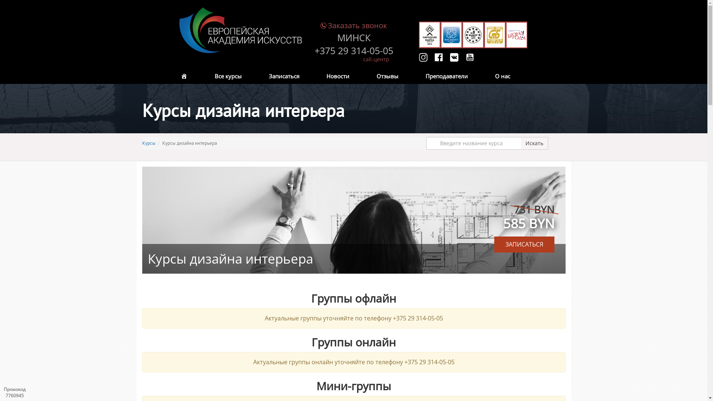 The image size is (713, 401). What do you see at coordinates (353, 50) in the screenshot?
I see `'+375 29 314-05-05'` at bounding box center [353, 50].